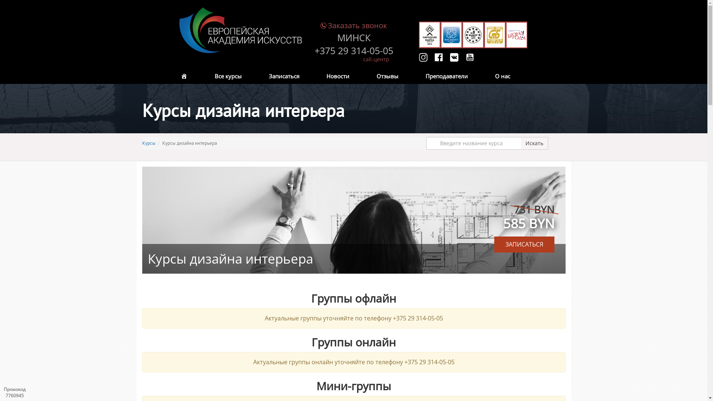 The image size is (713, 401). What do you see at coordinates (353, 50) in the screenshot?
I see `'+375 29 314-05-05'` at bounding box center [353, 50].